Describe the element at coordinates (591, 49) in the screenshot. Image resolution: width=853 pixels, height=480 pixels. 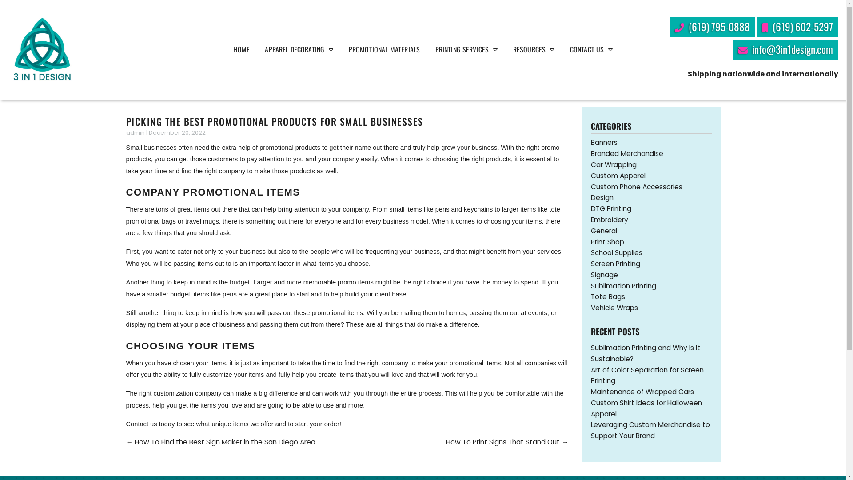
I see `'CONTACT US'` at that location.